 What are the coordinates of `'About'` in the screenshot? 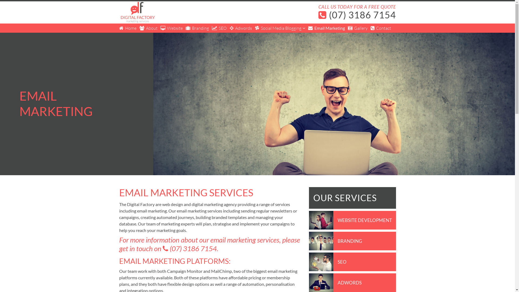 It's located at (148, 28).